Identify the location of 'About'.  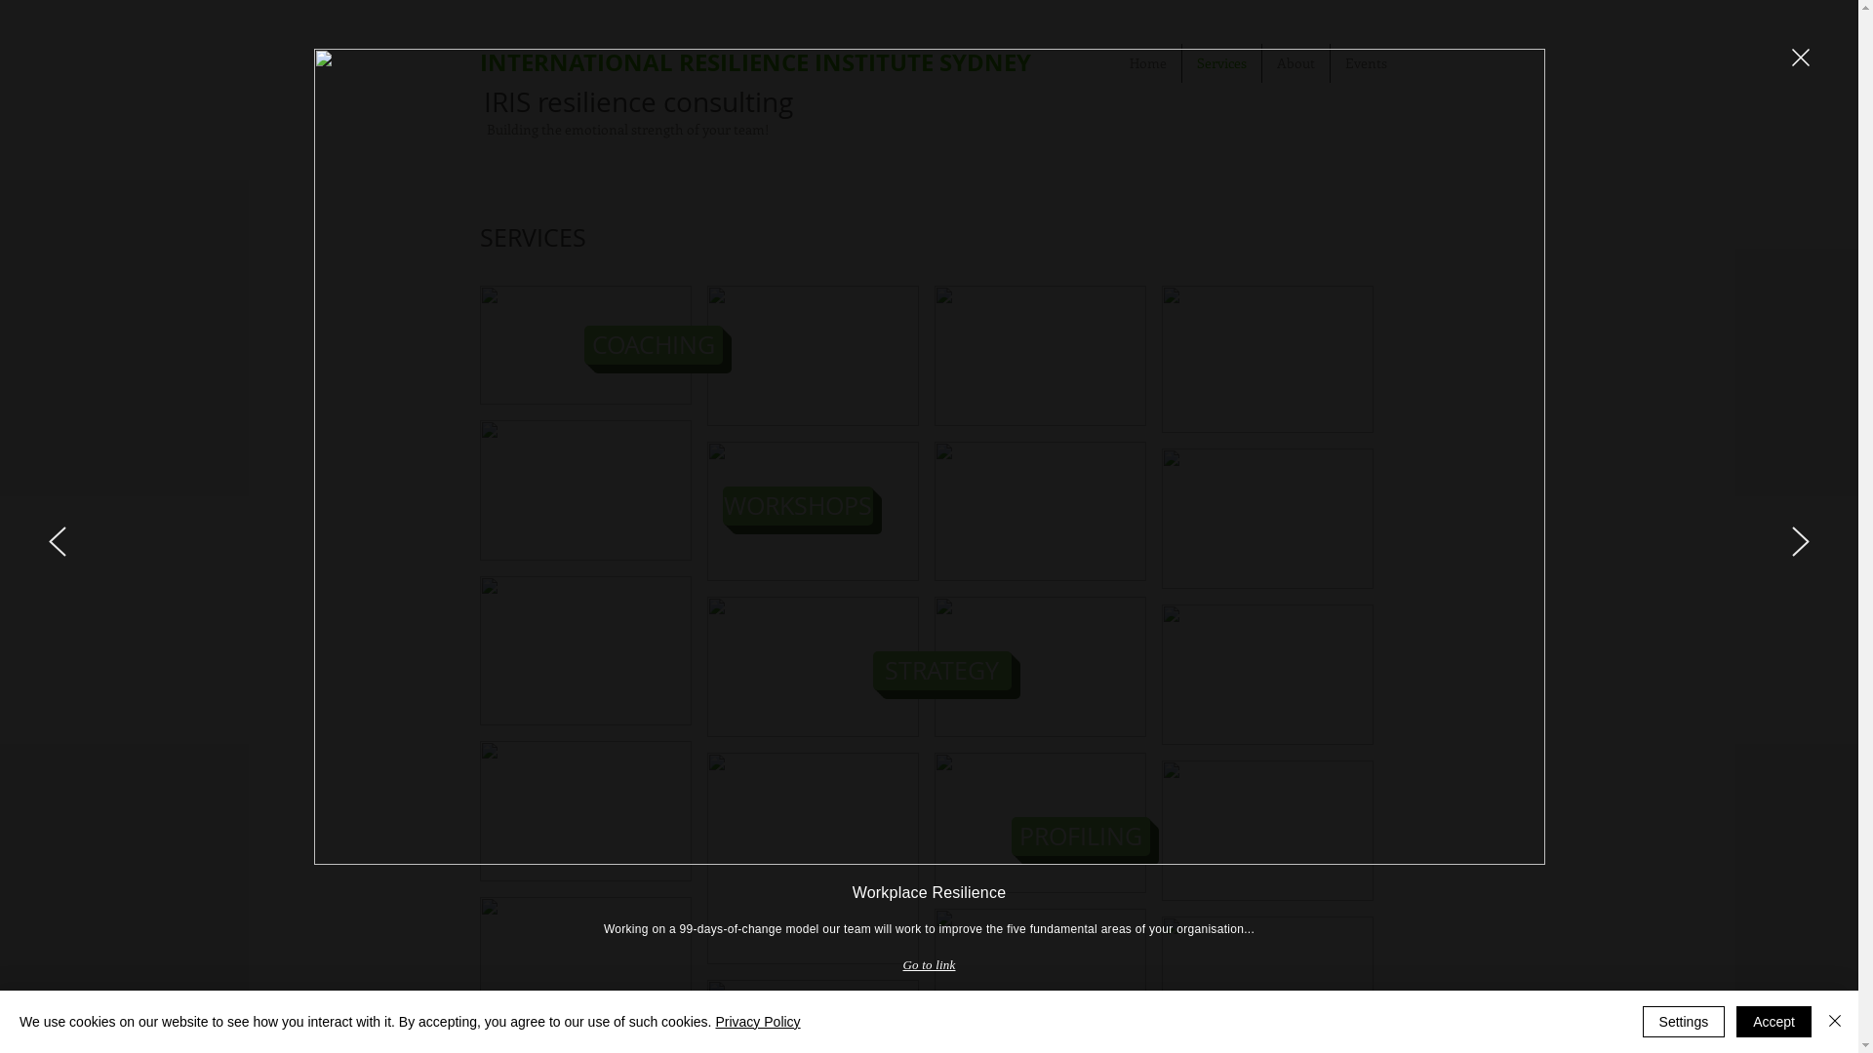
(1295, 61).